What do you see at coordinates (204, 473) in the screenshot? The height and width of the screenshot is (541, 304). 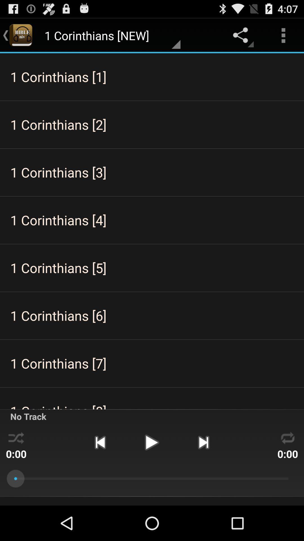 I see `the skip_next icon` at bounding box center [204, 473].